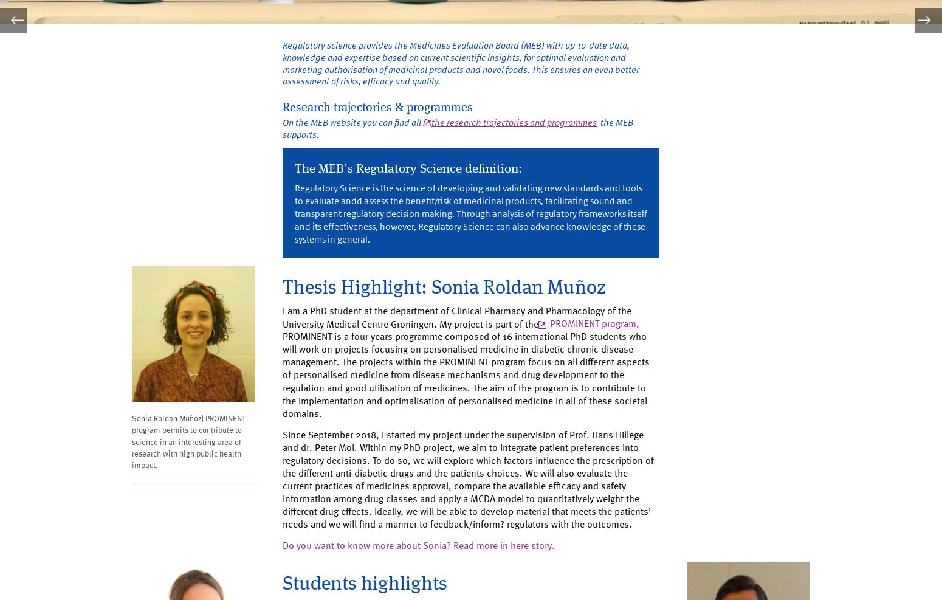  I want to click on 'PROMINENT program', so click(453, 345).